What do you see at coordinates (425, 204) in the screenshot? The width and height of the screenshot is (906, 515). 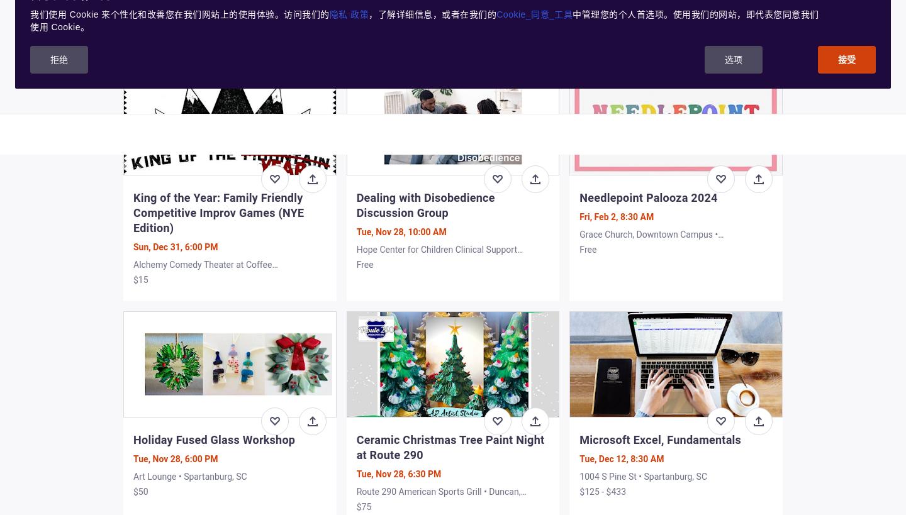 I see `'Dealing with Disobedience Discussion Group'` at bounding box center [425, 204].